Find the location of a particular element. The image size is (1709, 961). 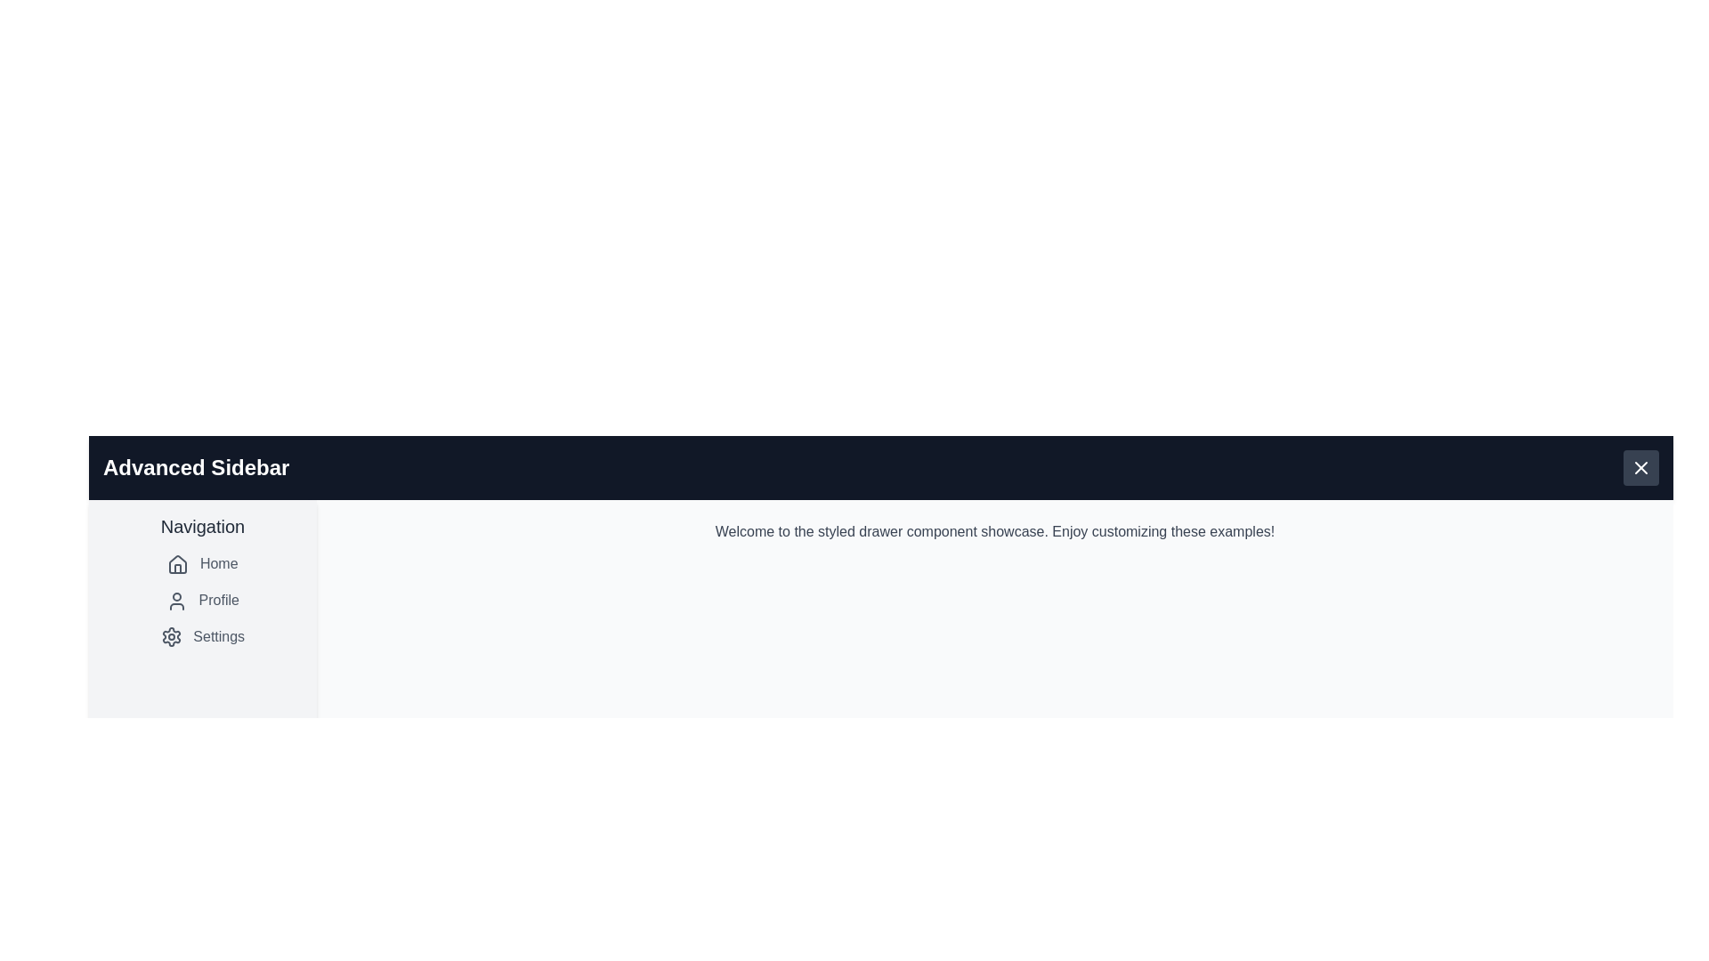

the settings icon located is located at coordinates (171, 636).